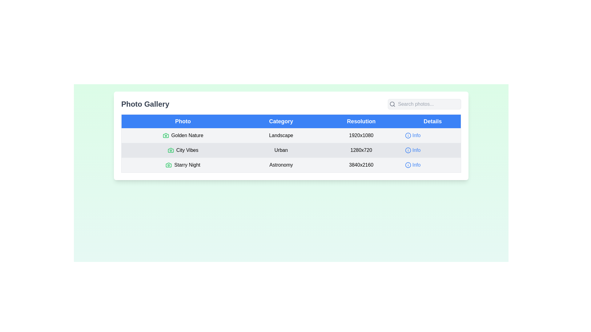 The height and width of the screenshot is (332, 591). I want to click on the icon representing the 'Starry Night' photography concept, located to the left of the text in the last row of the table, so click(169, 164).